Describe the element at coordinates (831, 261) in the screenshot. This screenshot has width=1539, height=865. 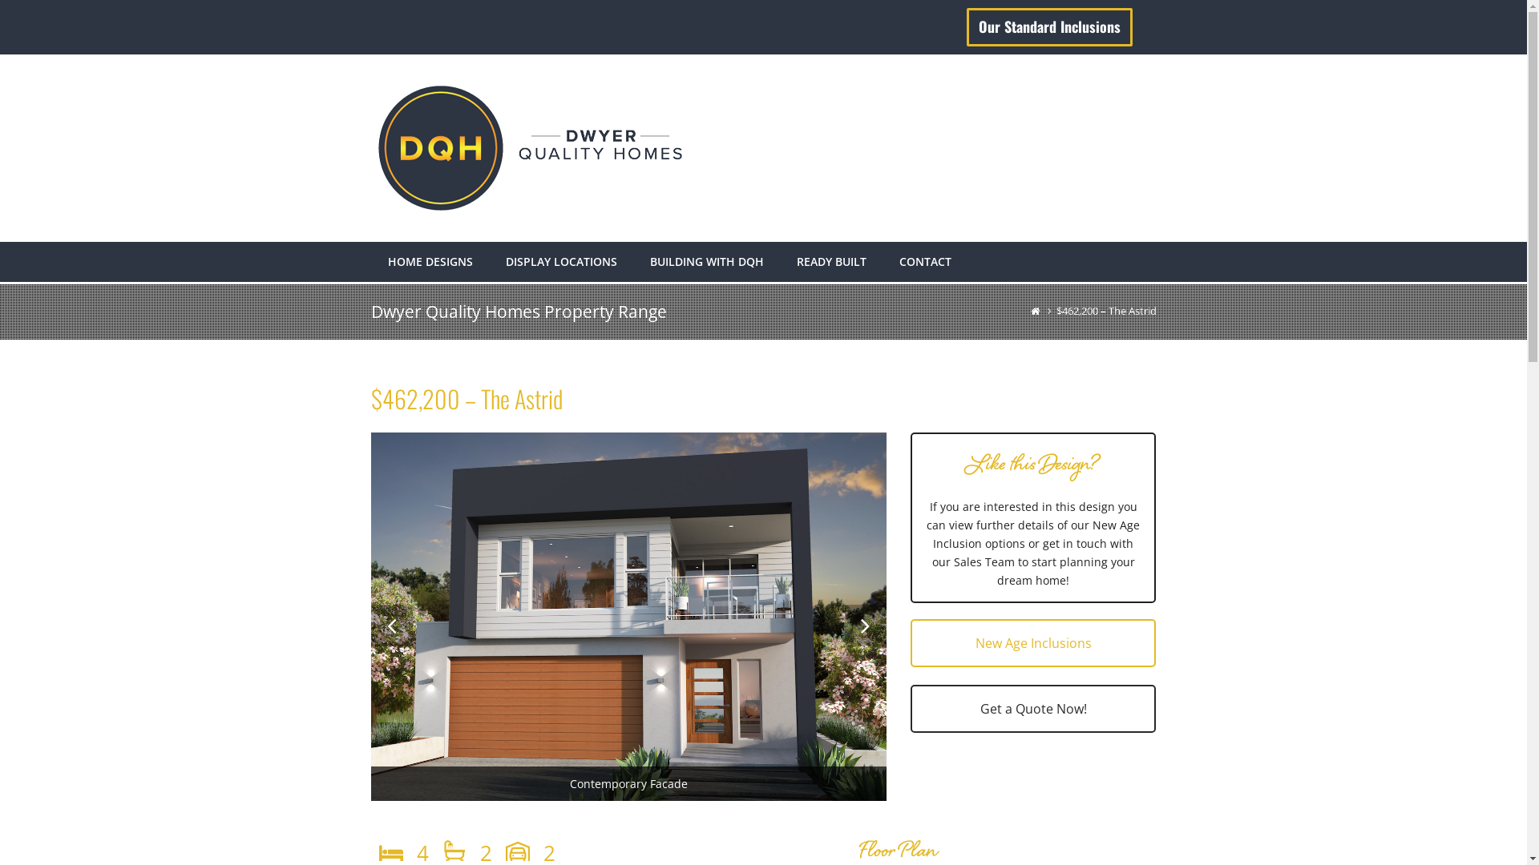
I see `'READY BUILT'` at that location.